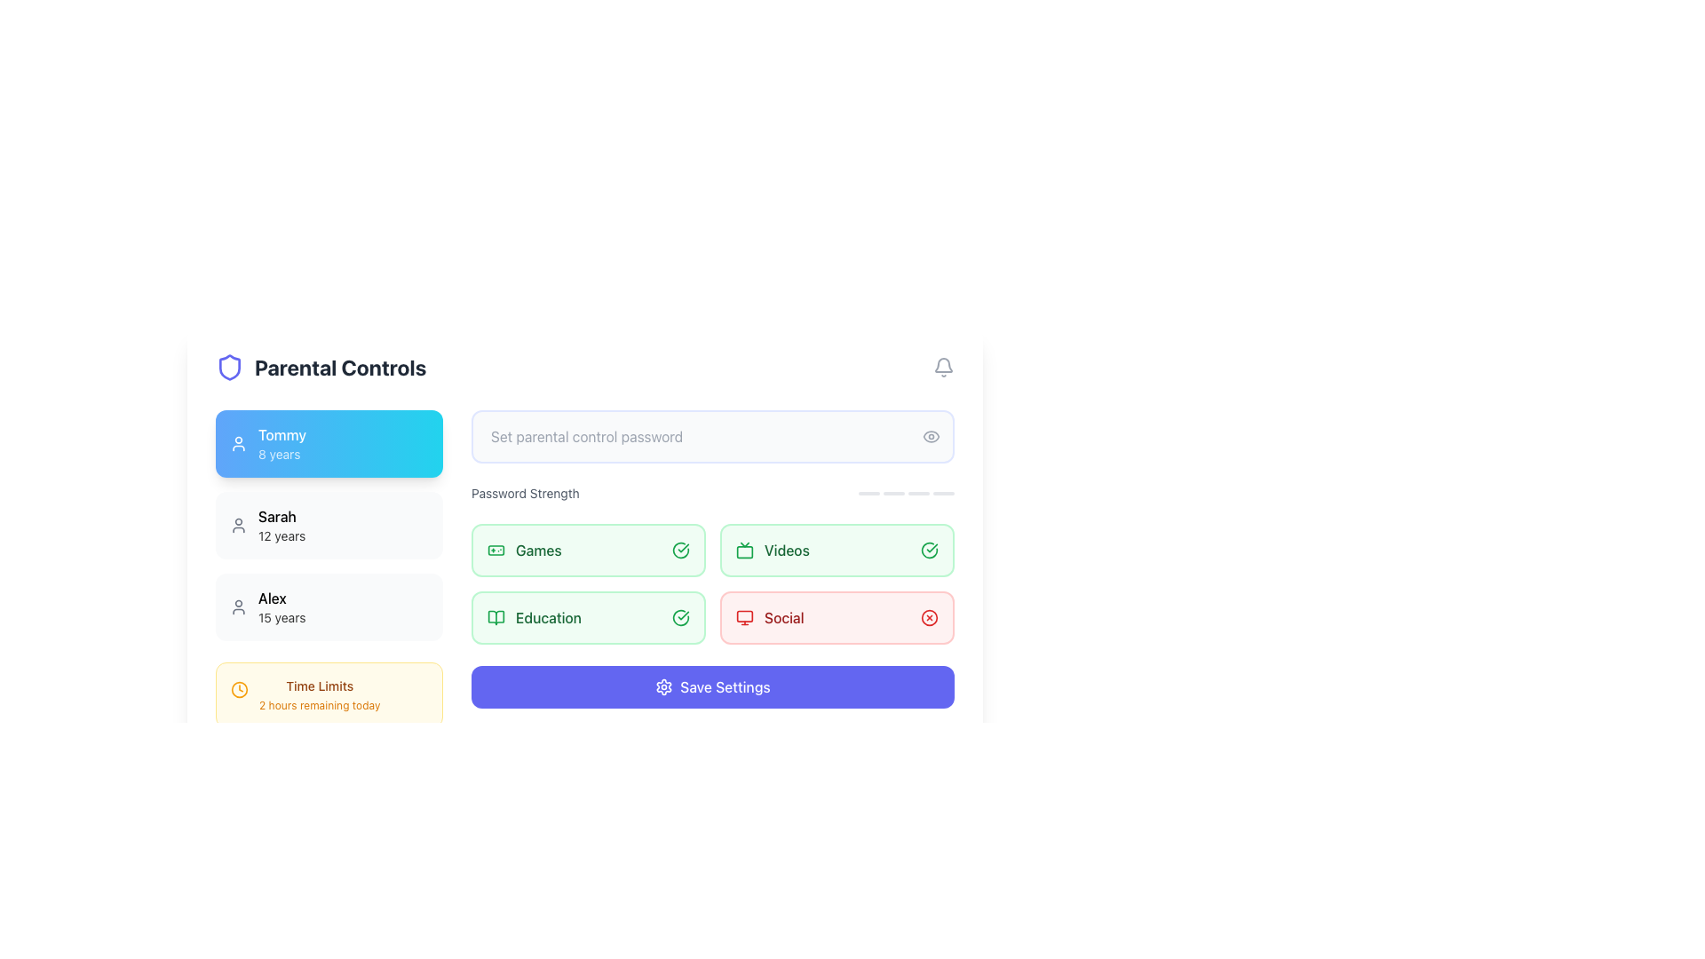  Describe the element at coordinates (712, 493) in the screenshot. I see `the Password Strength meter located below the parental control password input field` at that location.